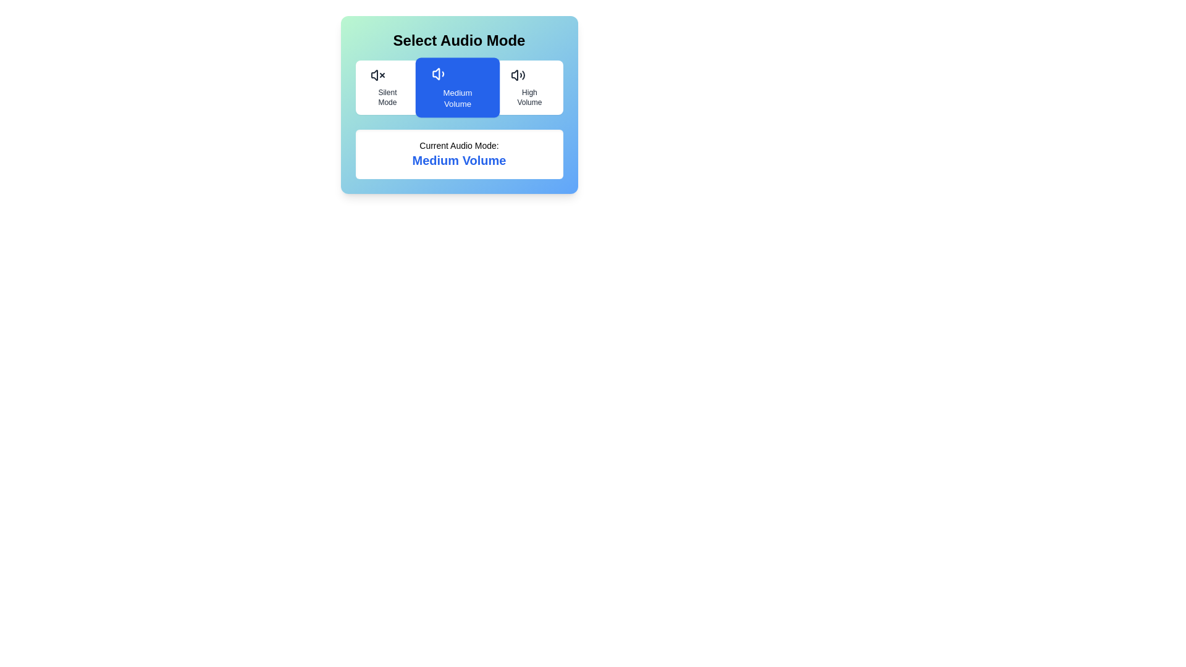 The image size is (1186, 667). Describe the element at coordinates (529, 87) in the screenshot. I see `the audio mode High Volume by clicking the corresponding button` at that location.